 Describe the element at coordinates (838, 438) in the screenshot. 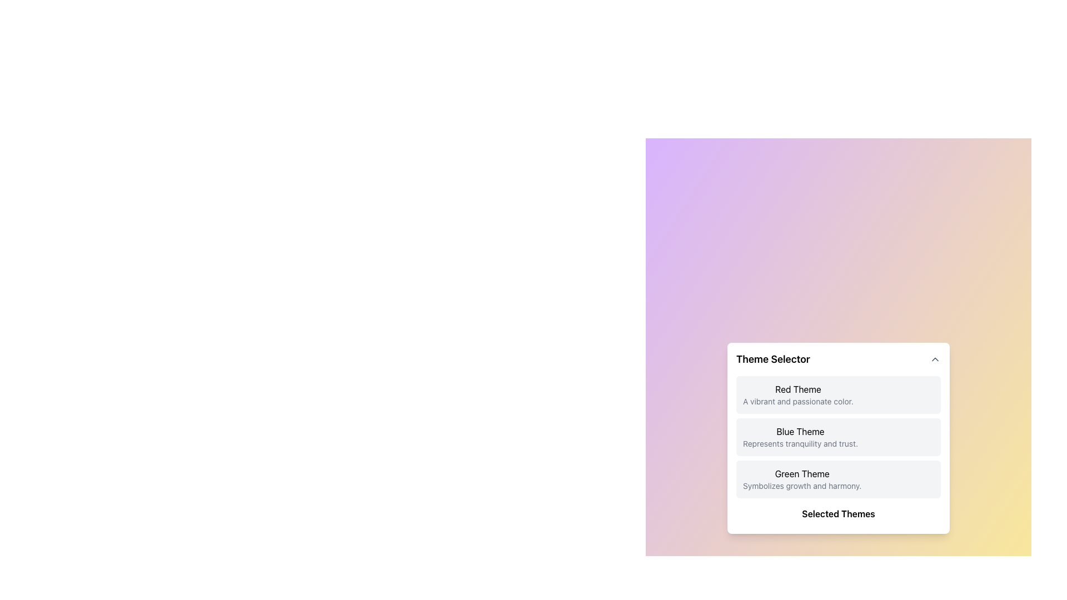

I see `the second card in the theme selector menu` at that location.